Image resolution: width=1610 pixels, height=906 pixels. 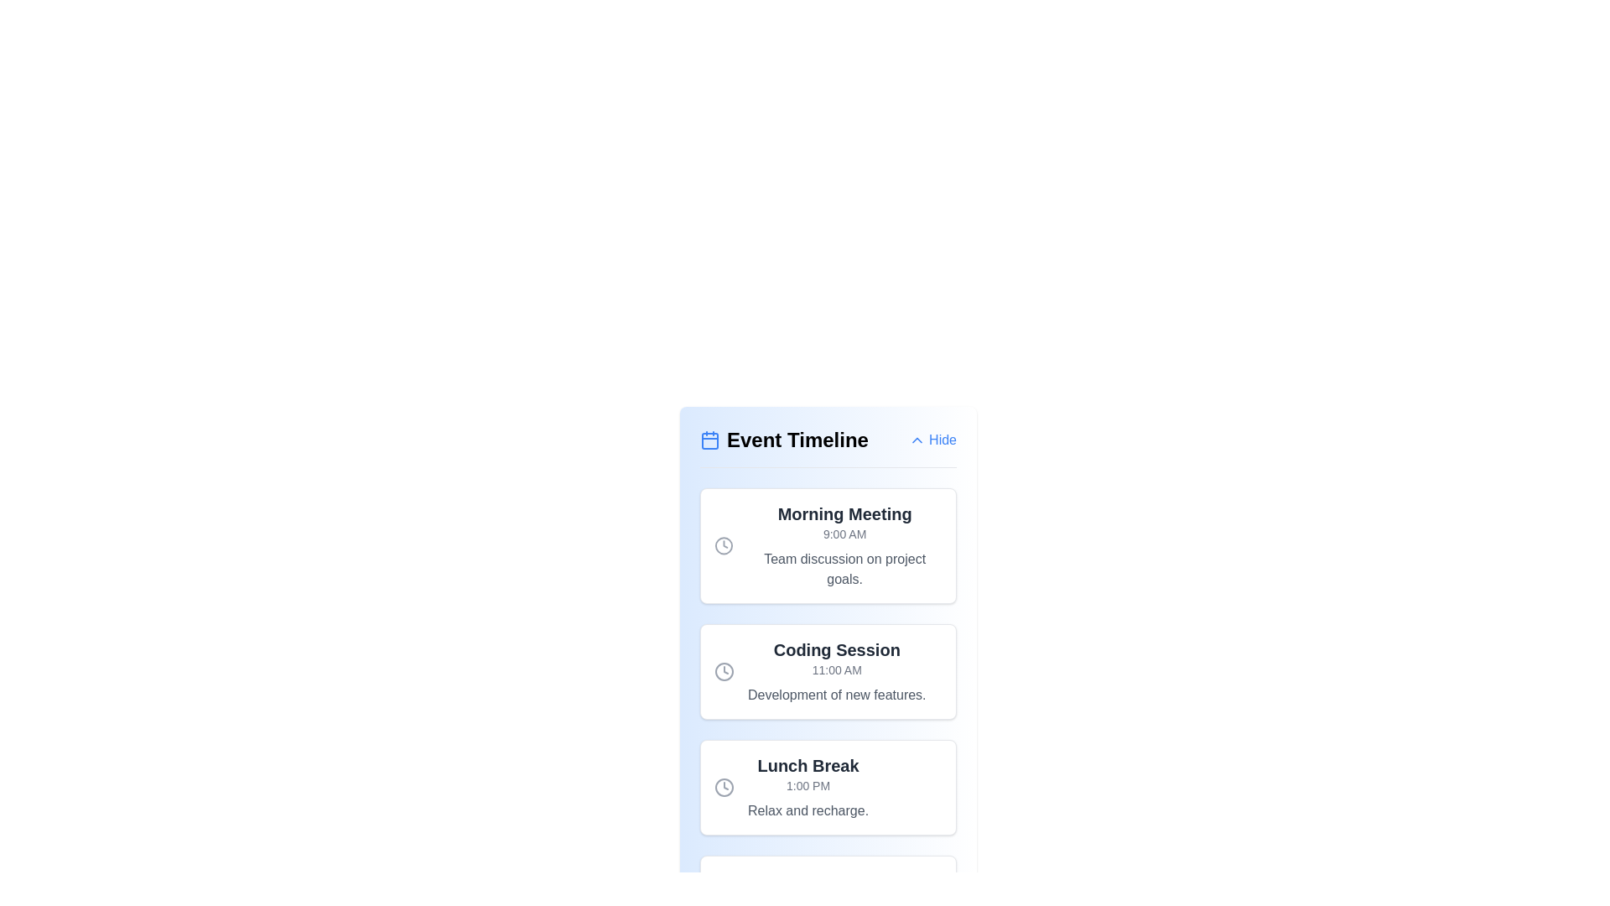 I want to click on the 'Hide' button with an upward-pointing chevron icon located in the upper-right corner of the 'Event Timeline' header section, so click(x=932, y=439).